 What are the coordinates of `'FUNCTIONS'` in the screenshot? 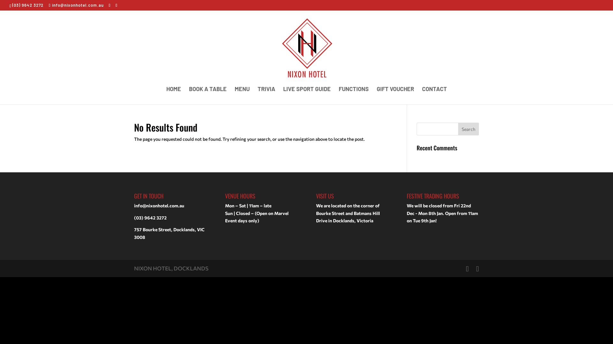 It's located at (353, 96).